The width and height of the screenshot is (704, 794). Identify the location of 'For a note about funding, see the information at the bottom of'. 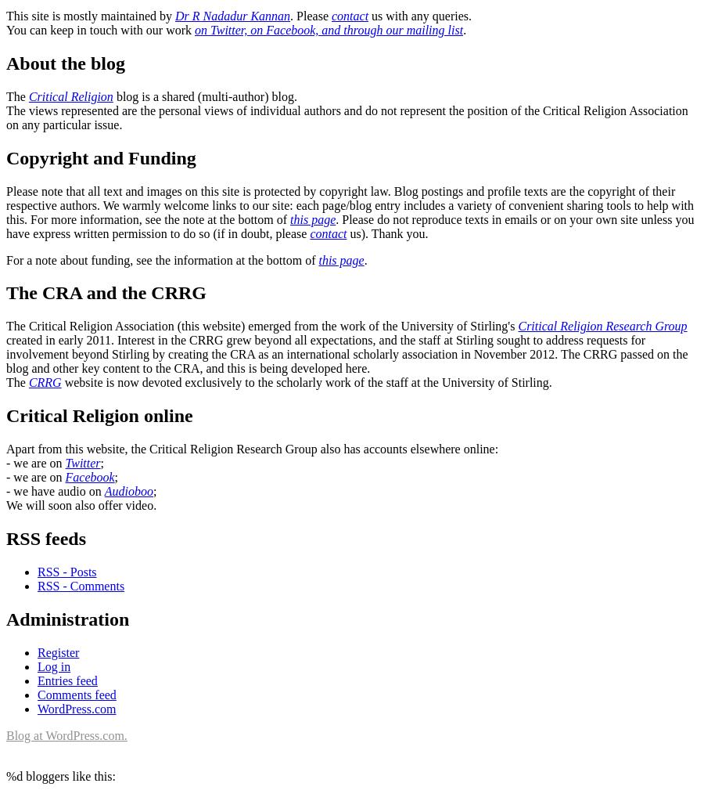
(162, 259).